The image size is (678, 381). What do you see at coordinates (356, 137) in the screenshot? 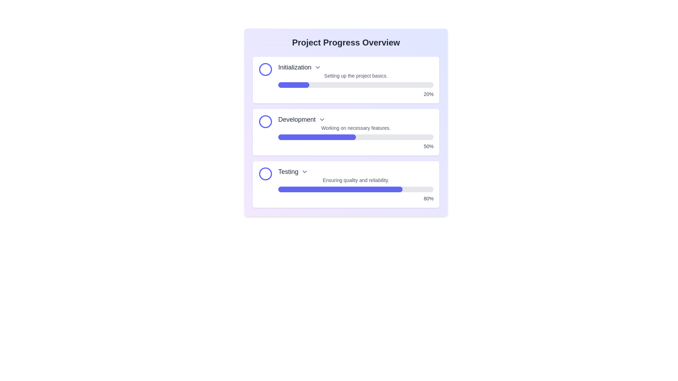
I see `the progress bar located in the 'Development' section of the second card, which indicates that 50% of the goal has been achieved` at bounding box center [356, 137].